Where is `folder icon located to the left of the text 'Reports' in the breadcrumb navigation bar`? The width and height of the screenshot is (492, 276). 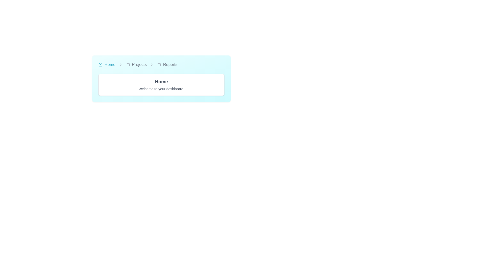 folder icon located to the left of the text 'Reports' in the breadcrumb navigation bar is located at coordinates (159, 64).